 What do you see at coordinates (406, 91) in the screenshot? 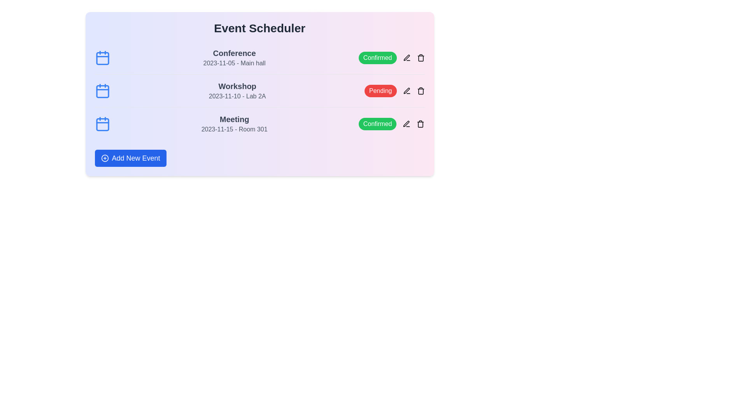
I see `the edit pen icon button located between the 'Pending' status indicator and the trash icon in the action buttons section for the 'Workshop' event entry` at bounding box center [406, 91].